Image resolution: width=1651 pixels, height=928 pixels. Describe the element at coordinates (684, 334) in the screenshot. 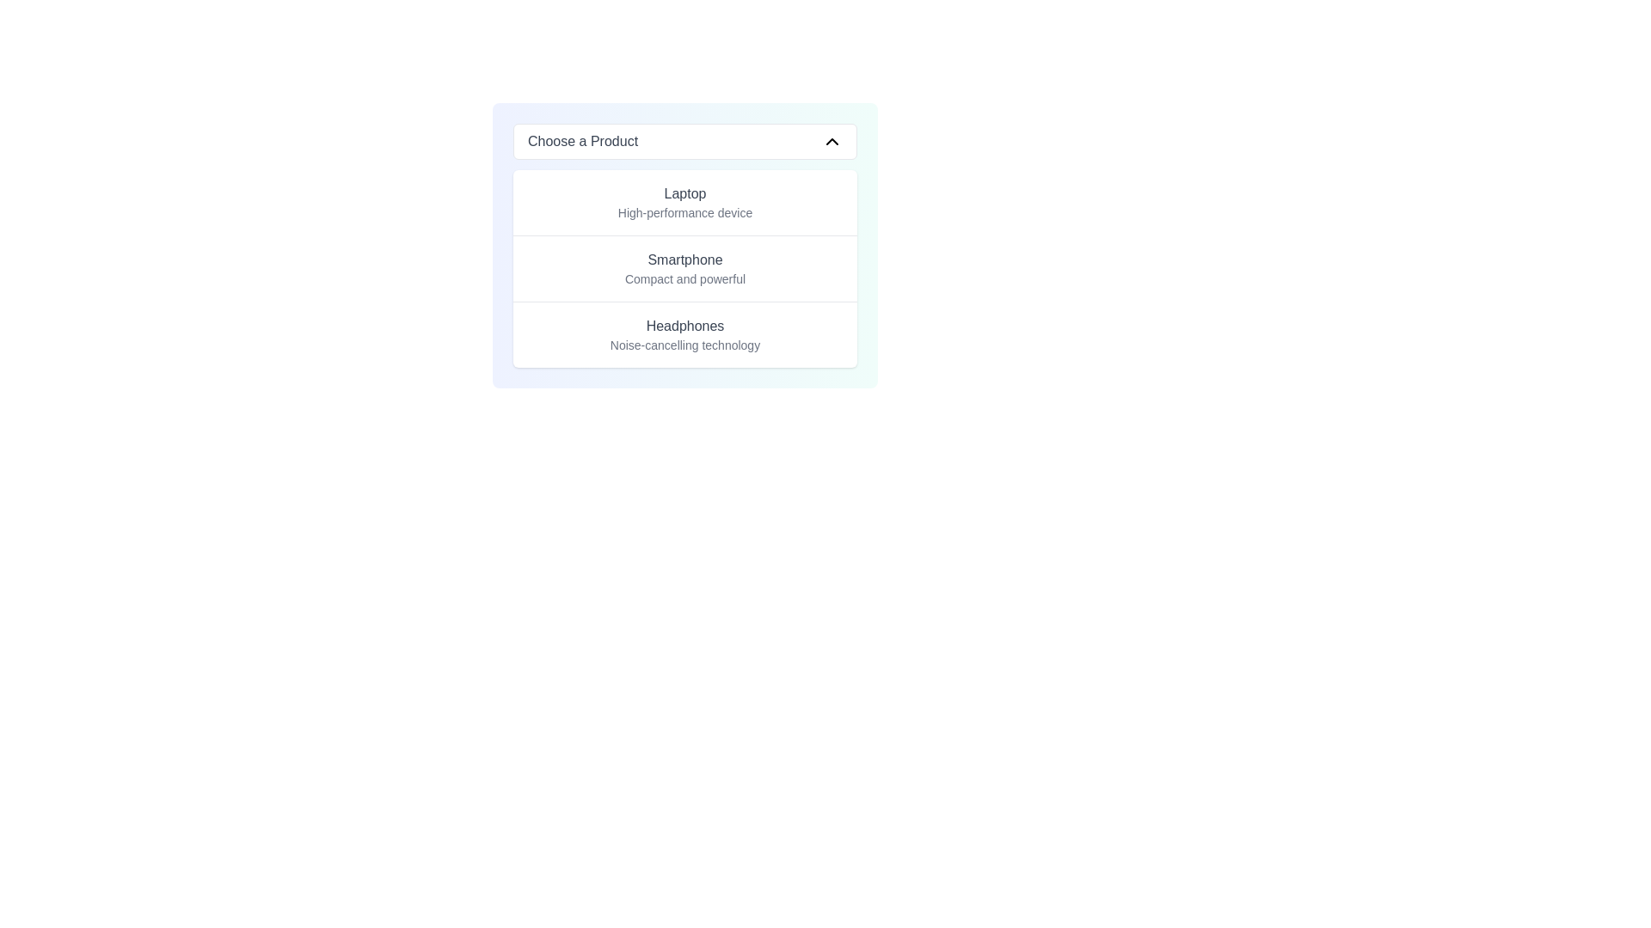

I see `the text component displaying the title 'Headphones' with the description 'Noise-cancelling technology', located within the third item of a dropdown menu` at that location.